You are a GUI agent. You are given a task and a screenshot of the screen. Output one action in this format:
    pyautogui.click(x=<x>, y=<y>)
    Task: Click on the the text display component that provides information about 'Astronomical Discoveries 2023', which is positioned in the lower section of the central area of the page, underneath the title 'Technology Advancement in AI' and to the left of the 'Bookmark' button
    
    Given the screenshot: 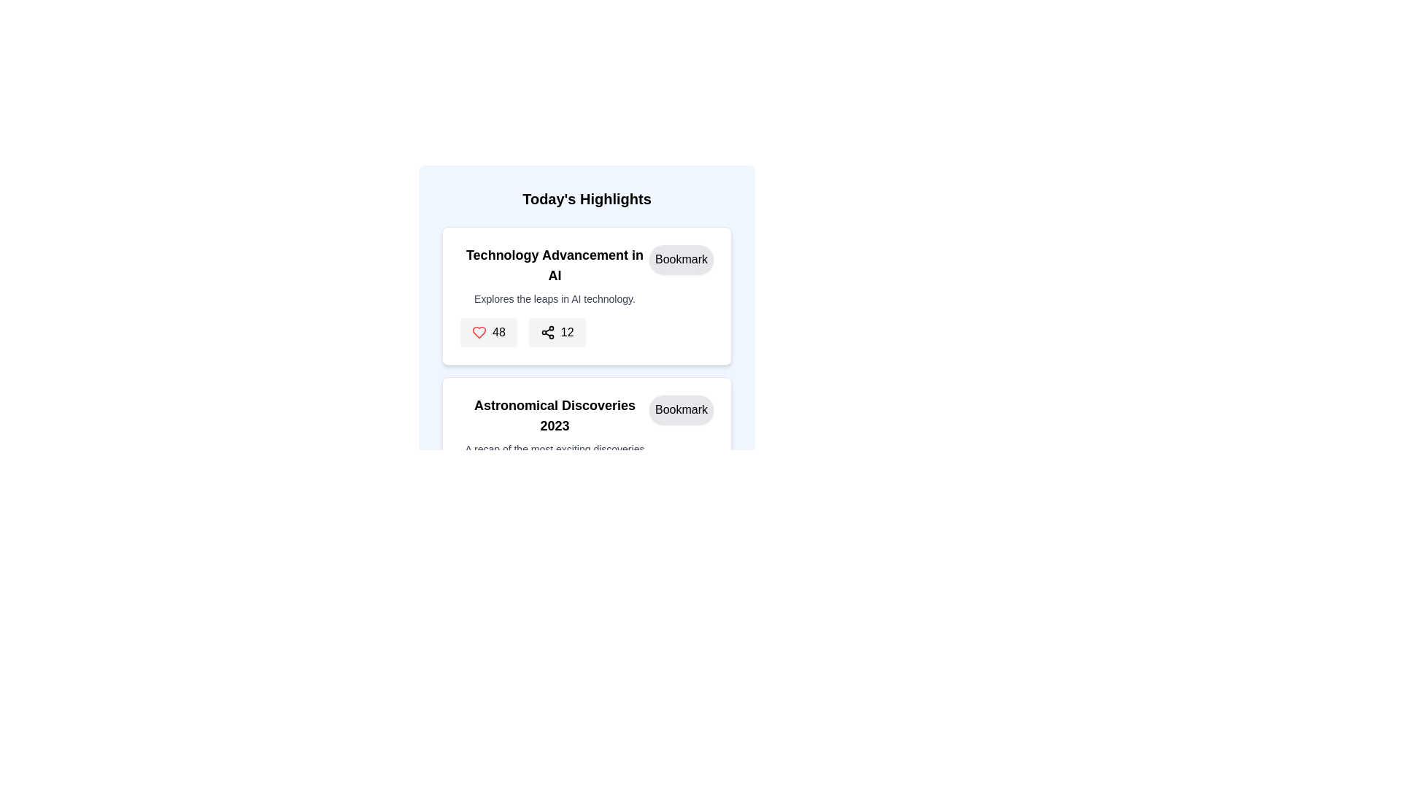 What is the action you would take?
    pyautogui.click(x=554, y=433)
    